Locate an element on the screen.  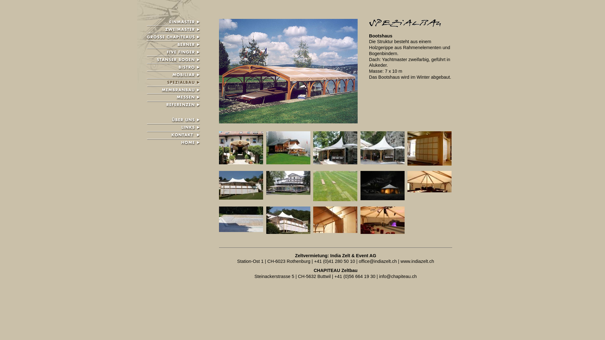
'www.indiazelt.ch' is located at coordinates (400, 261).